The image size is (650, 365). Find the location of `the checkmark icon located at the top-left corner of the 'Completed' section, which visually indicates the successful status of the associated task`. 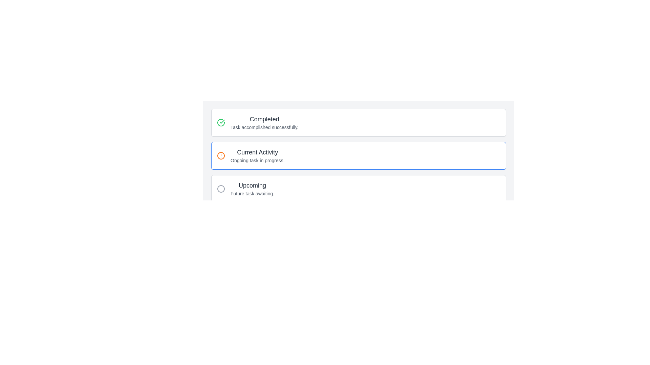

the checkmark icon located at the top-left corner of the 'Completed' section, which visually indicates the successful status of the associated task is located at coordinates (222, 121).